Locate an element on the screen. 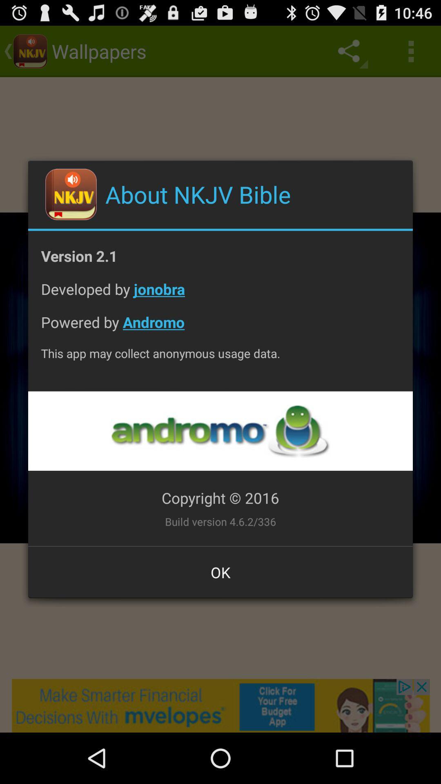 Image resolution: width=441 pixels, height=784 pixels. app below developed by jonobra app is located at coordinates (220, 328).